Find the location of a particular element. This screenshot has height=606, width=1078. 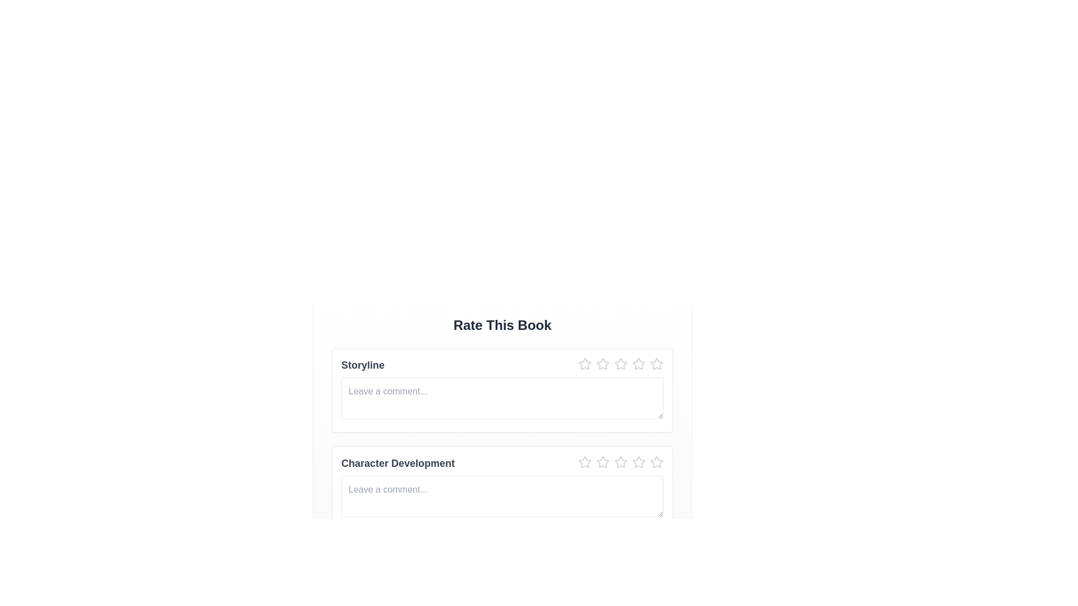

the fifth star-shaped icon in the horizontal row of rating stars under the 'Storyline' section is located at coordinates (638, 364).